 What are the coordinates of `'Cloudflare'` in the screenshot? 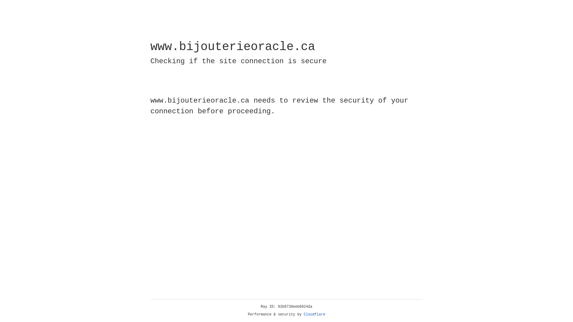 It's located at (304, 314).